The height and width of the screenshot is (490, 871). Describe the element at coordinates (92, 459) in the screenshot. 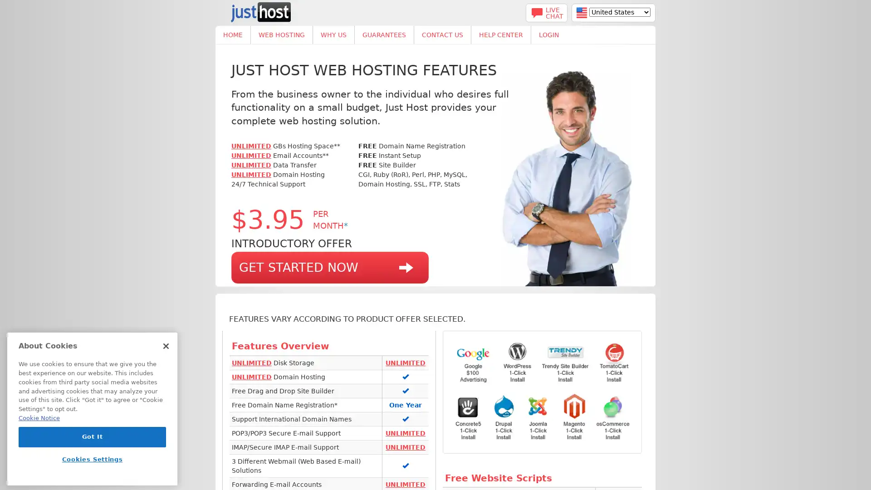

I see `Cookies Settings` at that location.